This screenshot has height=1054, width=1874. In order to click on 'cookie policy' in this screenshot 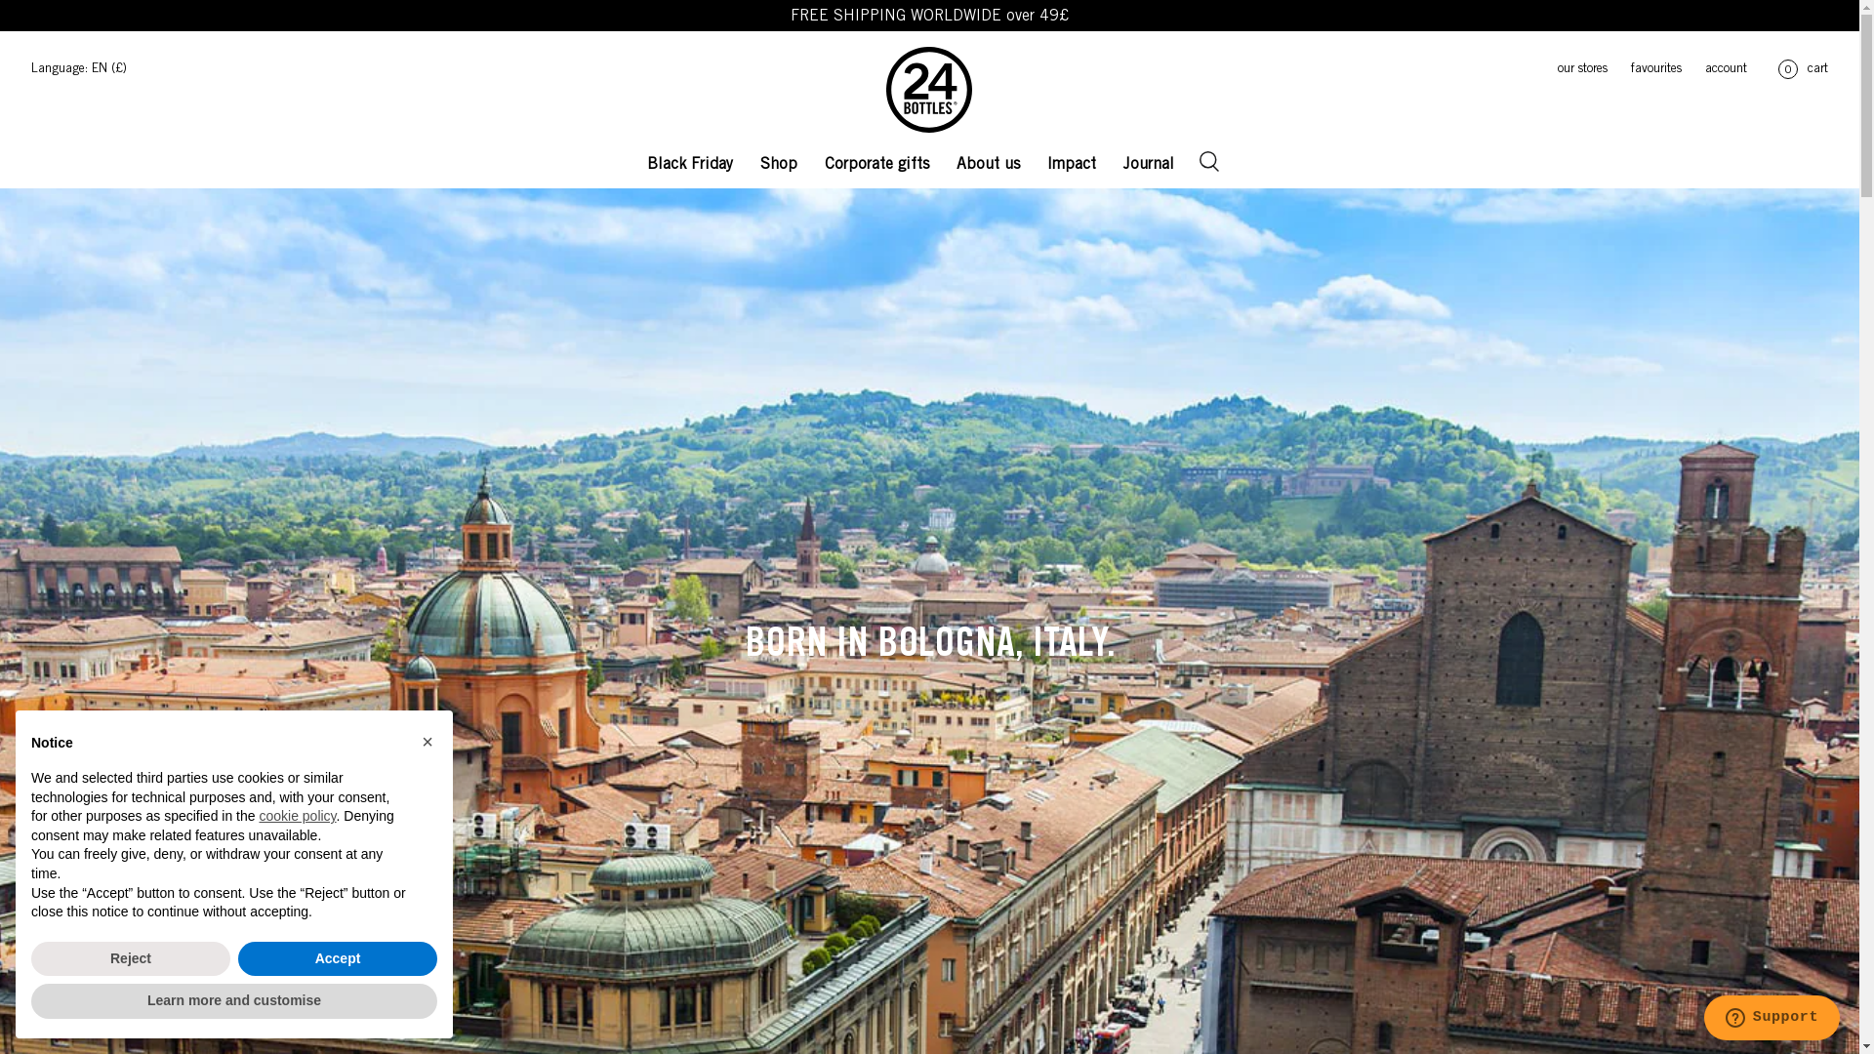, I will do `click(296, 816)`.